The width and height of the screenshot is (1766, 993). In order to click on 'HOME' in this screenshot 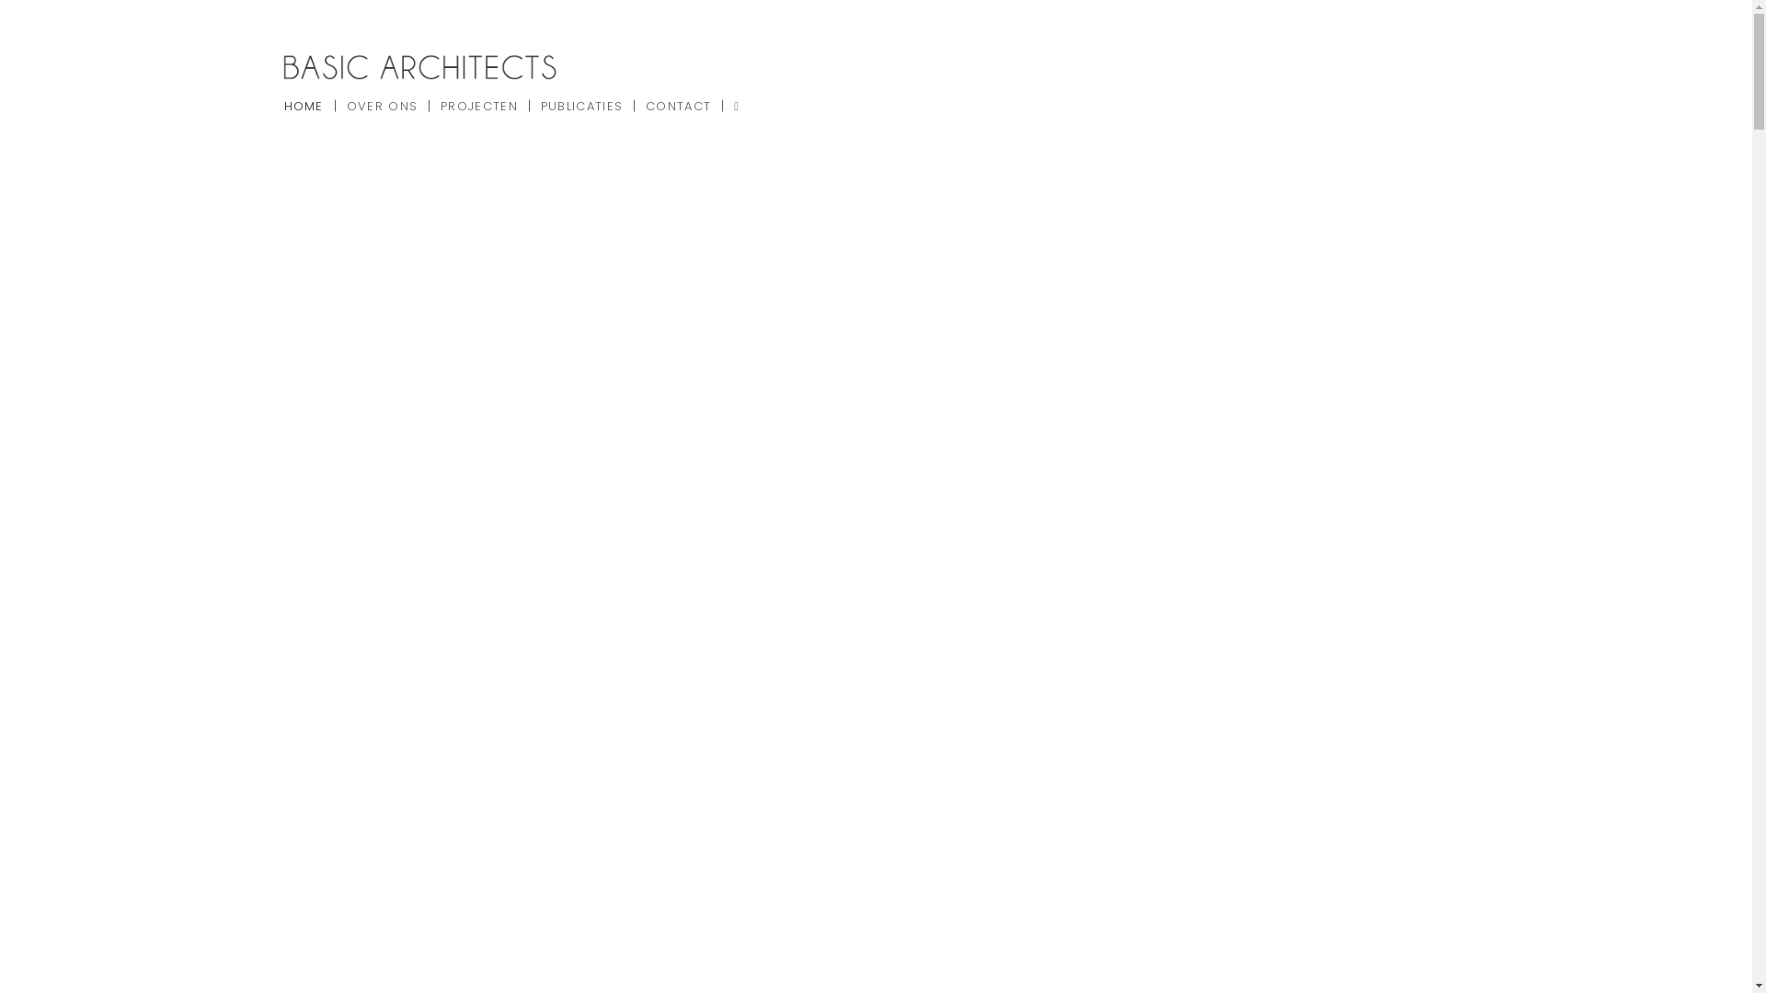, I will do `click(308, 106)`.